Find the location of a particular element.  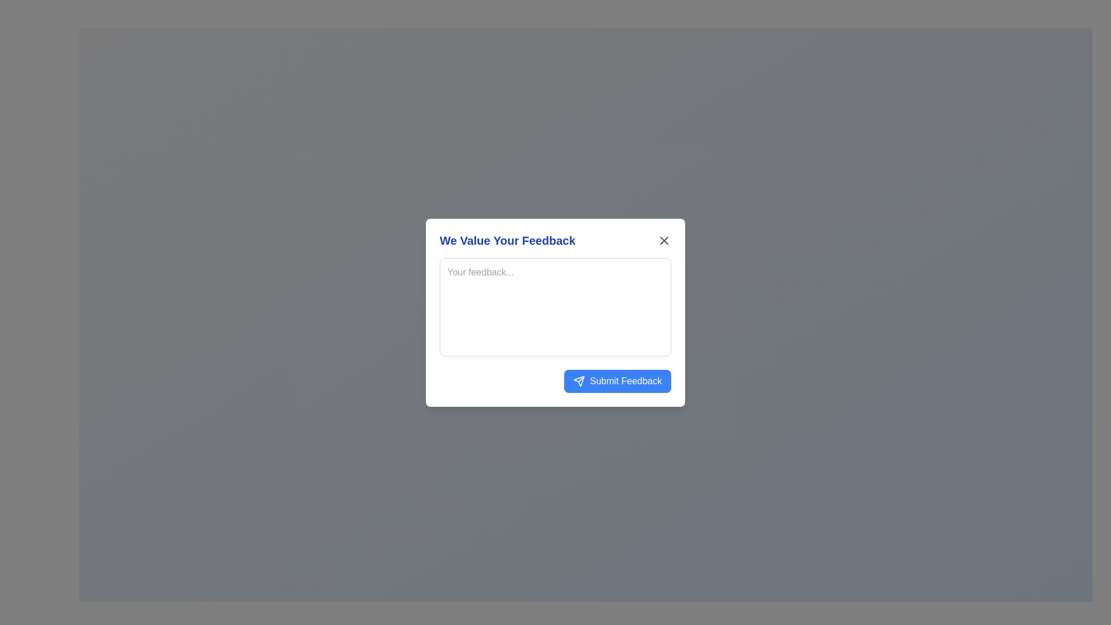

the 'Close' button represented by an 'X' icon in the top-right corner of the modal dialog is located at coordinates (664, 240).